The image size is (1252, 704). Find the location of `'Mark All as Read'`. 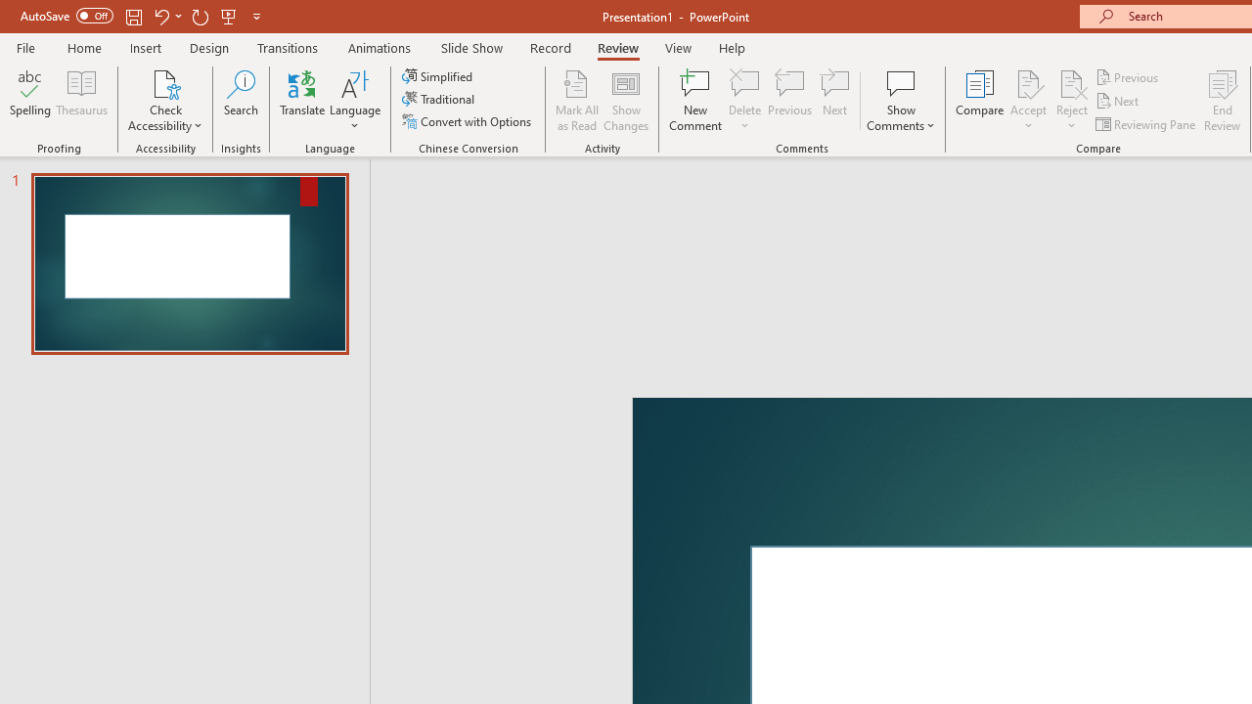

'Mark All as Read' is located at coordinates (576, 101).